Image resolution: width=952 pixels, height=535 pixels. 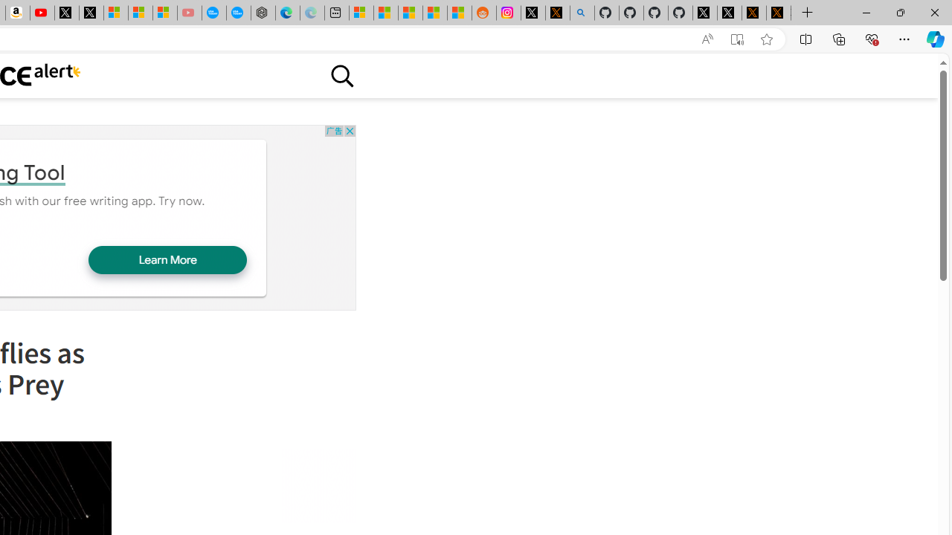 I want to click on 'Microsoft account | Microsoft Account Privacy Settings', so click(x=361, y=13).